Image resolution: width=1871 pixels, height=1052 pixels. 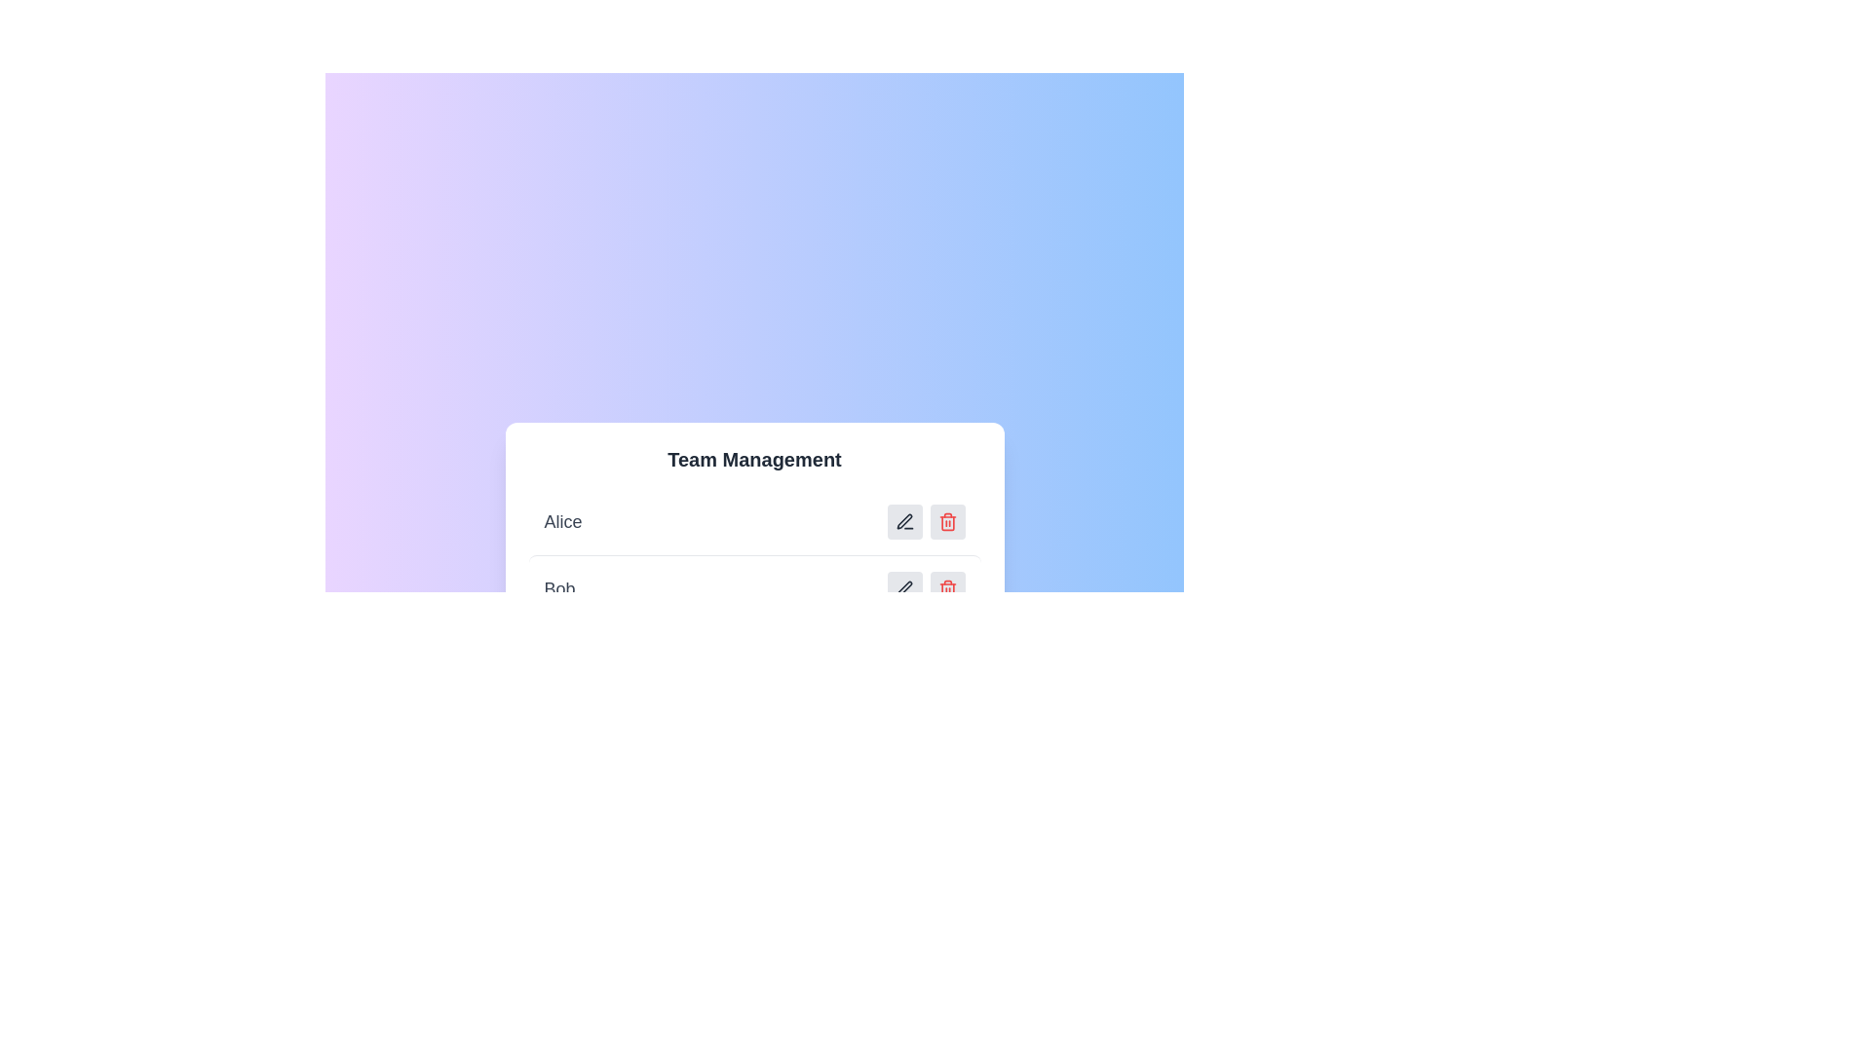 I want to click on edit button for the team member Bob, so click(x=903, y=588).